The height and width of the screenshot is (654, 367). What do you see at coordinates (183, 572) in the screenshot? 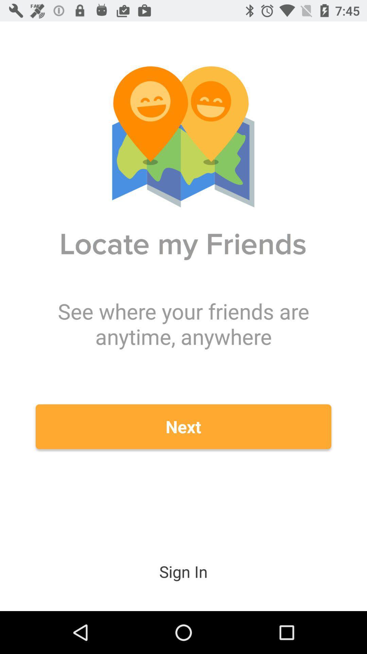
I see `the sign in` at bounding box center [183, 572].